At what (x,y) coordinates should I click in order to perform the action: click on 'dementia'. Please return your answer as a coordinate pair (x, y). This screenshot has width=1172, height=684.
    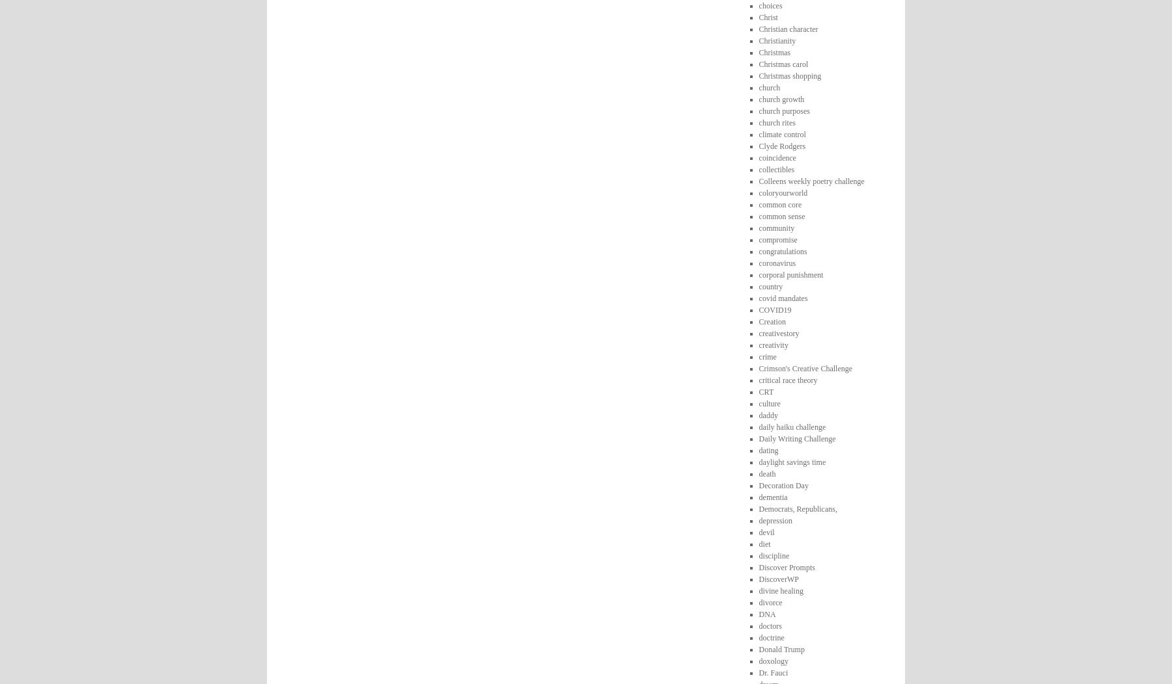
    Looking at the image, I should click on (757, 495).